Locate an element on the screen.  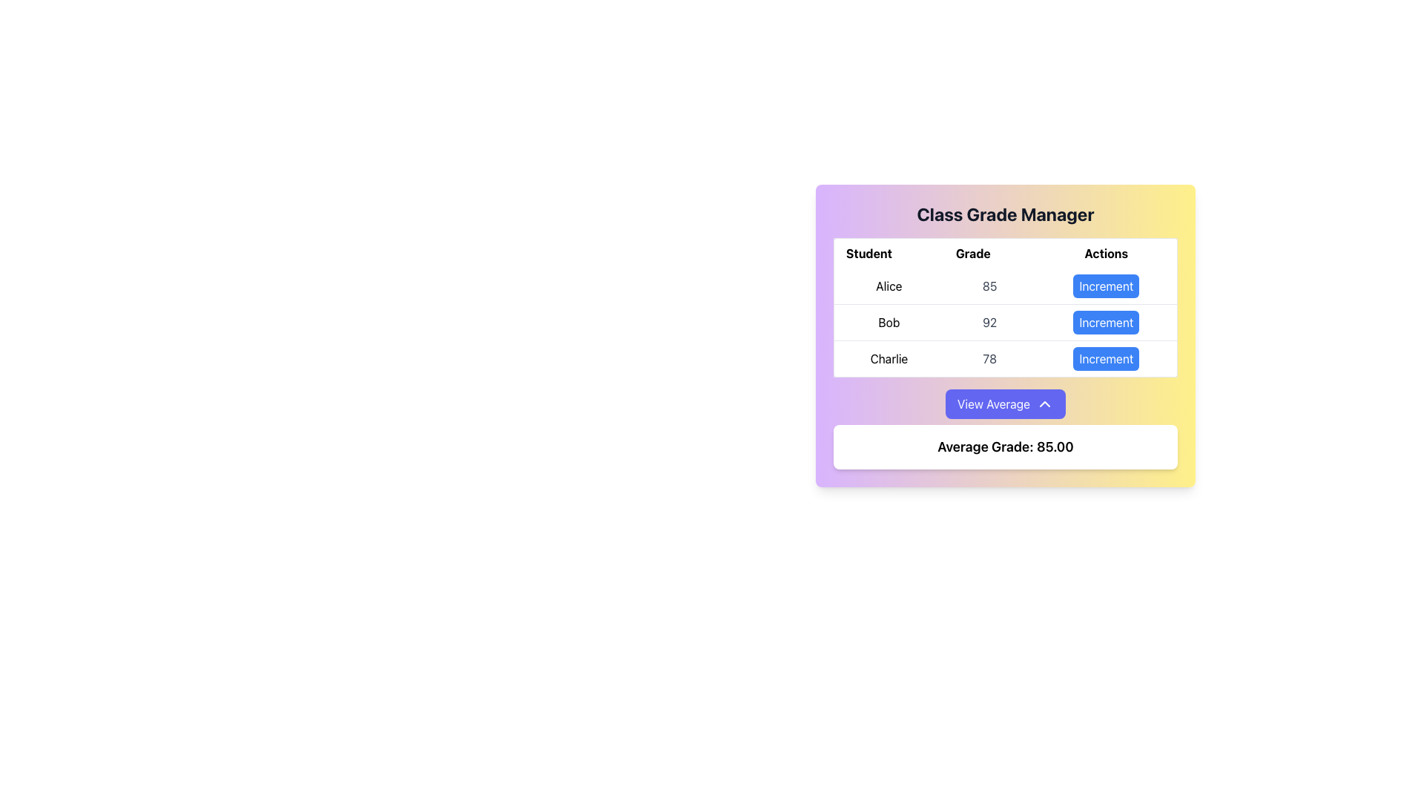
the Text Label that displays the calculated average grade for the listed items in the 'Class Grade Manager' interface, located below the 'View Average' button is located at coordinates (1006, 446).